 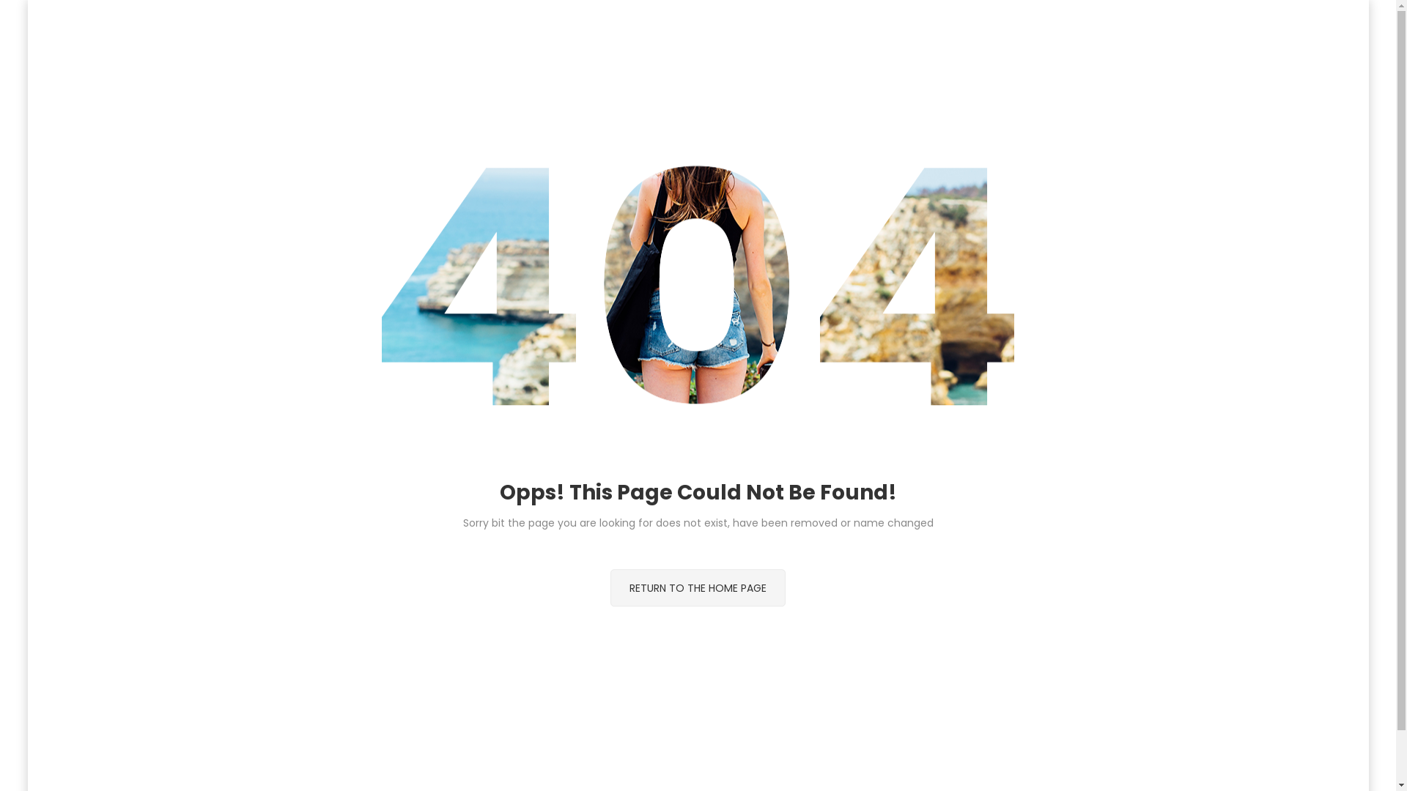 What do you see at coordinates (697, 587) in the screenshot?
I see `'RETURN TO THE HOME PAGE'` at bounding box center [697, 587].